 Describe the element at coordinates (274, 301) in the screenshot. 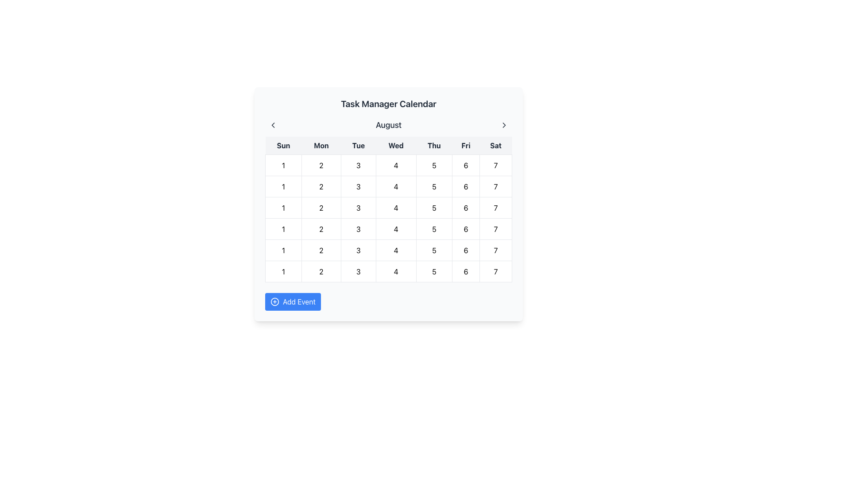

I see `the circular icon to the left of the 'Add Event' button` at that location.